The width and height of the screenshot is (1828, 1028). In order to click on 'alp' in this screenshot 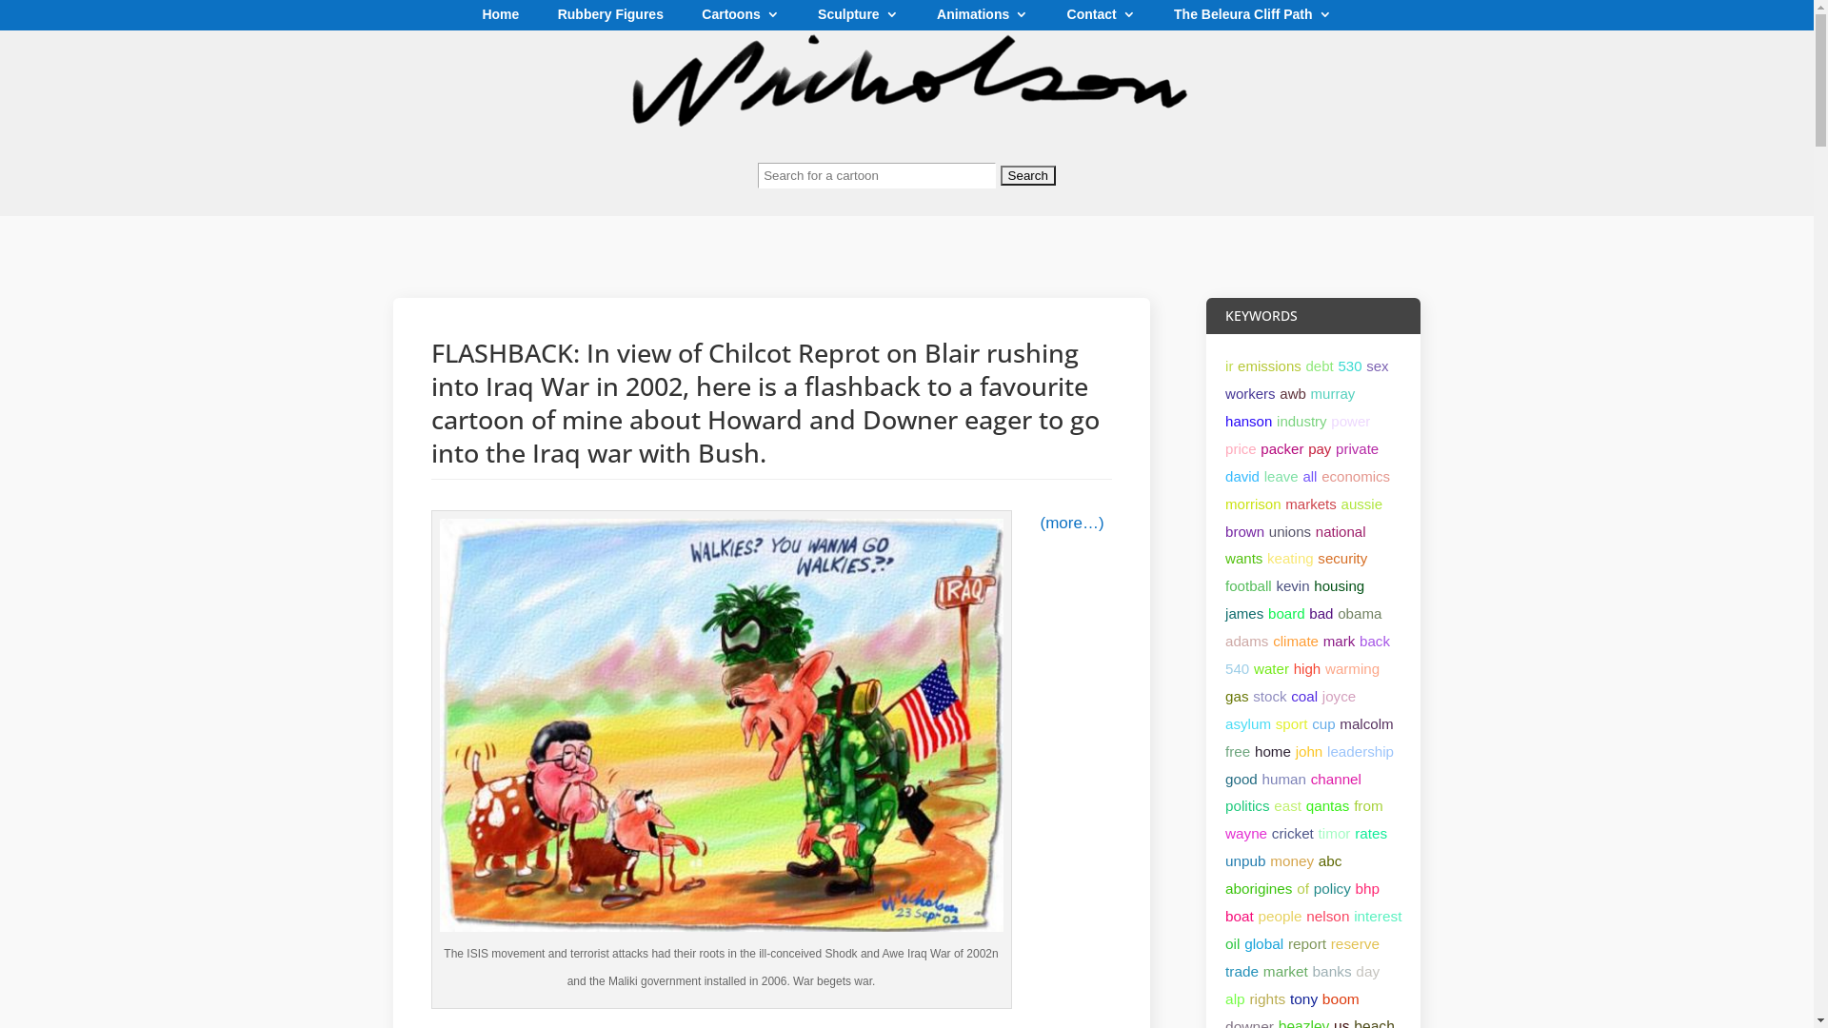, I will do `click(1224, 998)`.